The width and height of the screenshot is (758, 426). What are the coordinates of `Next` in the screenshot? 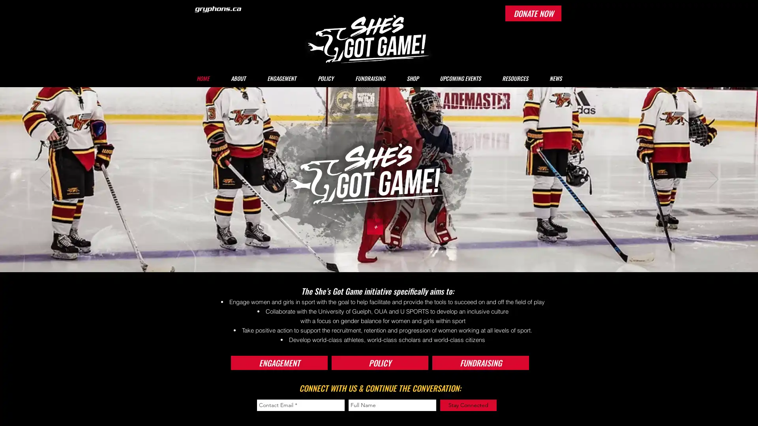 It's located at (713, 179).